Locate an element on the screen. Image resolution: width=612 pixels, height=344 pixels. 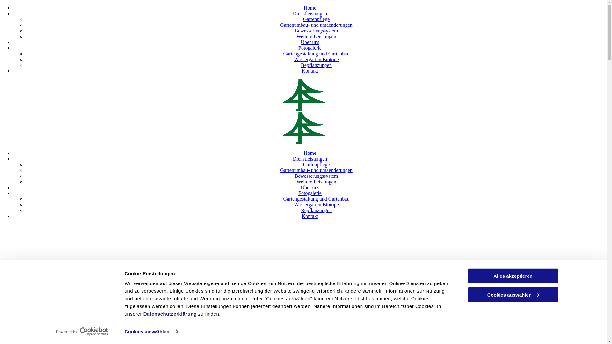
'Kontakt' is located at coordinates (310, 71).